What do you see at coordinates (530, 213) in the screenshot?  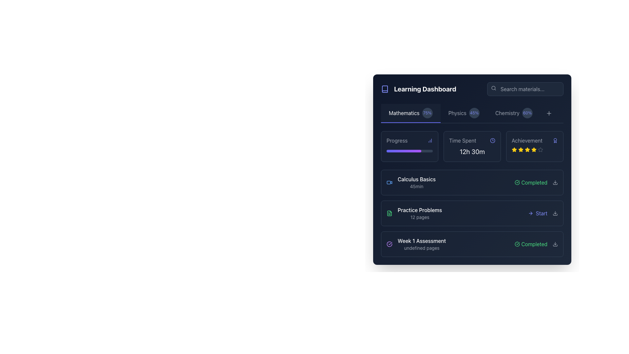 I see `the blue arrow icon next to the 'Start' label` at bounding box center [530, 213].